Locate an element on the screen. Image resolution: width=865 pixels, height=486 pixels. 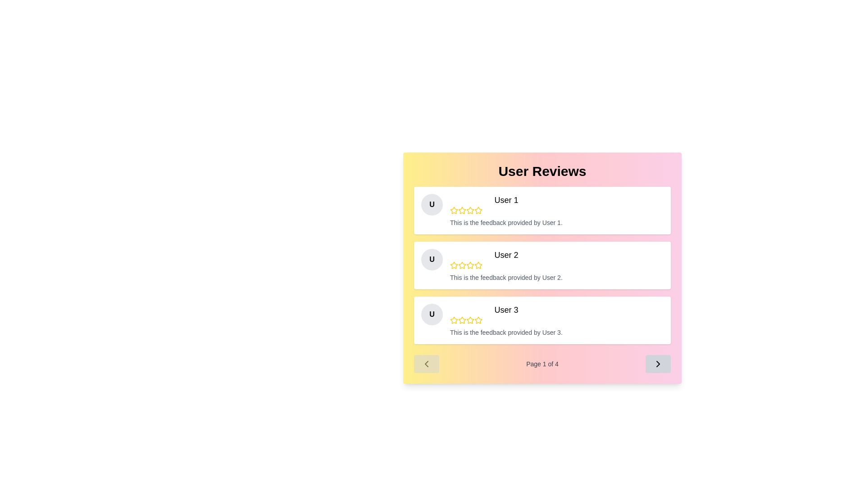
the fourth star icon is located at coordinates (469, 320).